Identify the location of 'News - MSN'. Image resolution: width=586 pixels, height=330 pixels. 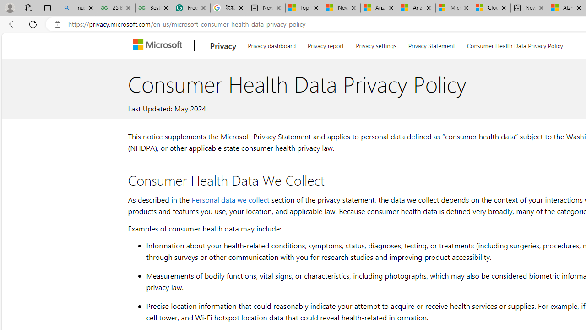
(341, 8).